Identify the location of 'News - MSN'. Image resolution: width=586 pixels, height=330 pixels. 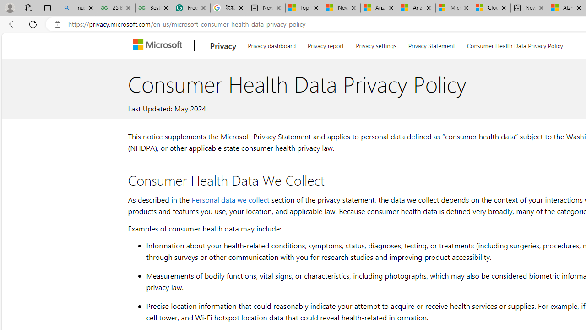
(341, 8).